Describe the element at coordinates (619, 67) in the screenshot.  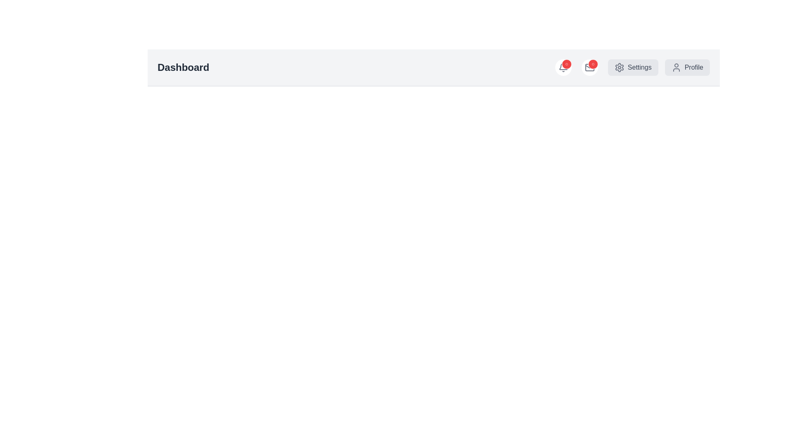
I see `the cogwheel icon button in the top-right portion of the interface` at that location.